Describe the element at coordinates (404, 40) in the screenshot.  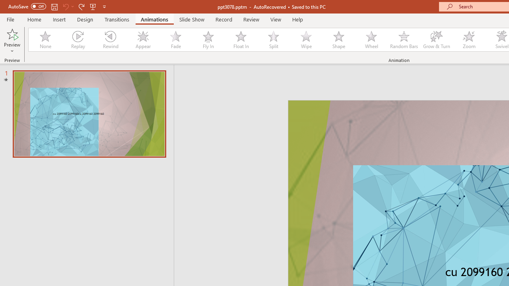
I see `'Random Bars'` at that location.